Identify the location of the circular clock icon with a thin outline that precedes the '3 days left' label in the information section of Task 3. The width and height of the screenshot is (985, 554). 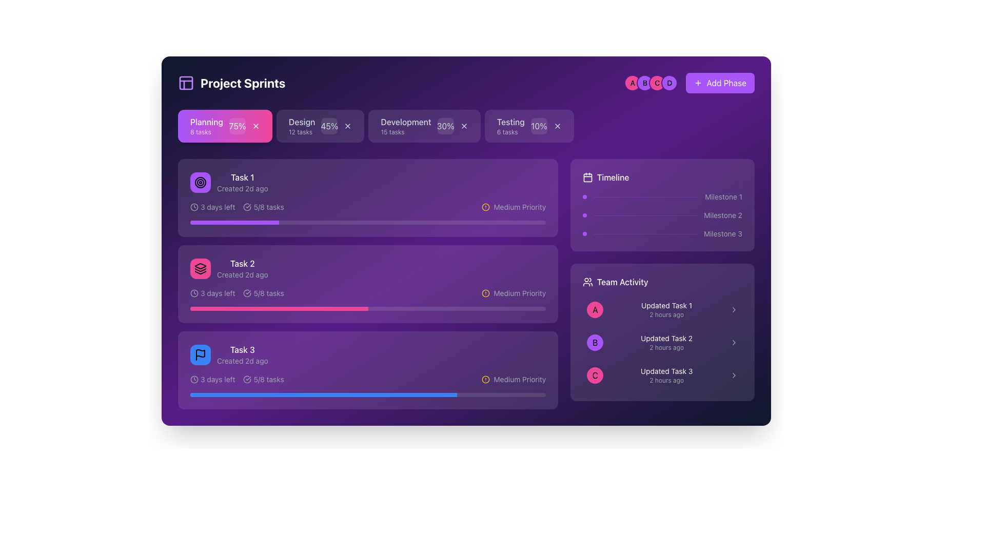
(194, 380).